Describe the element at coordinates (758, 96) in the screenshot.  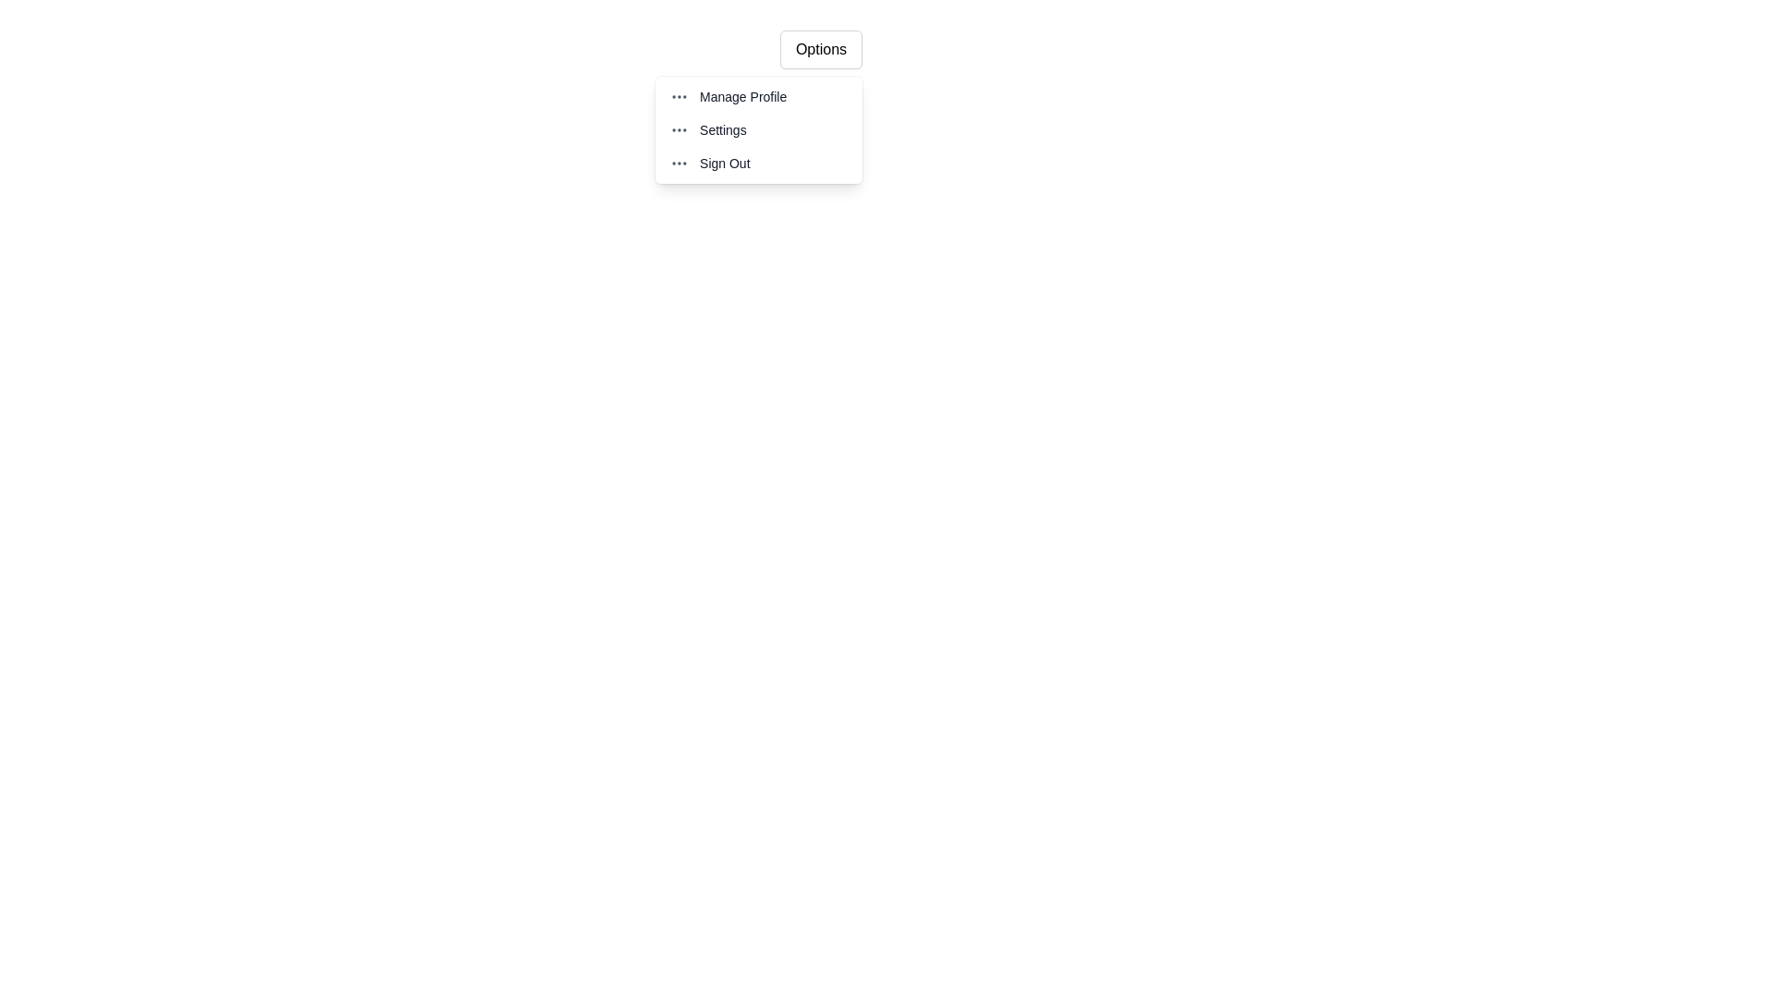
I see `the 'Manage Profile' menu item, which features three vertically aligned dots and is the first item in the dropdown list below the 'Options' button` at that location.